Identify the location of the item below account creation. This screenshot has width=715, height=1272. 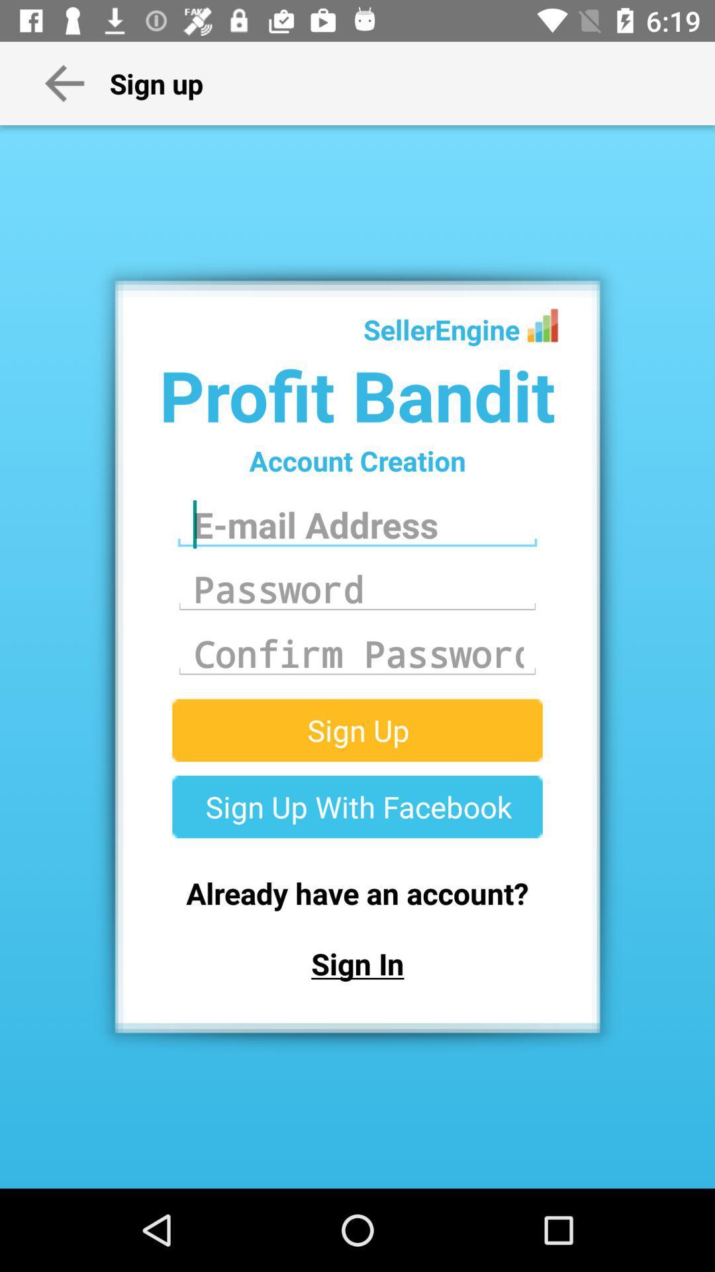
(358, 524).